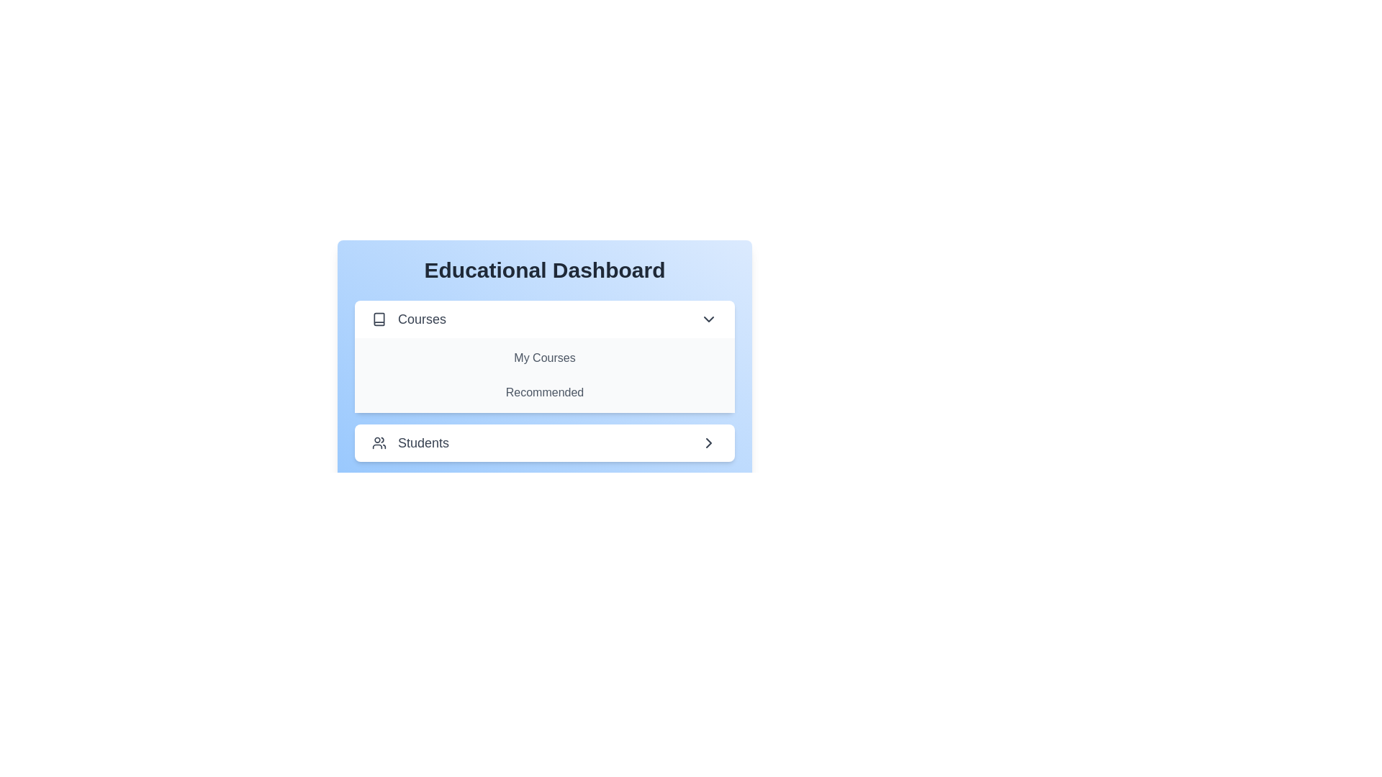  Describe the element at coordinates (379, 442) in the screenshot. I see `the icon corresponding to the section Students to toggle its visibility` at that location.